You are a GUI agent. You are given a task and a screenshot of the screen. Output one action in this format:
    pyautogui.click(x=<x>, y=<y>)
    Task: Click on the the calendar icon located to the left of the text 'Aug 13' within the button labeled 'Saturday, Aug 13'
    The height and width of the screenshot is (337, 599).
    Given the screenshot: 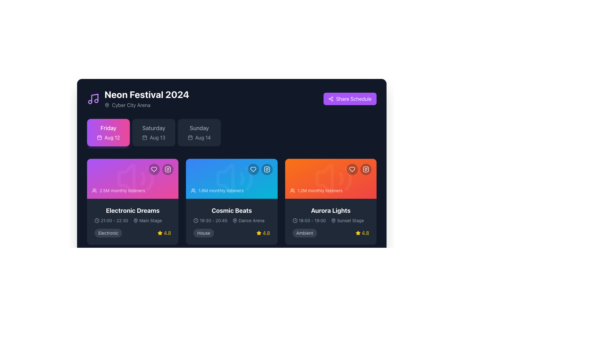 What is the action you would take?
    pyautogui.click(x=144, y=137)
    